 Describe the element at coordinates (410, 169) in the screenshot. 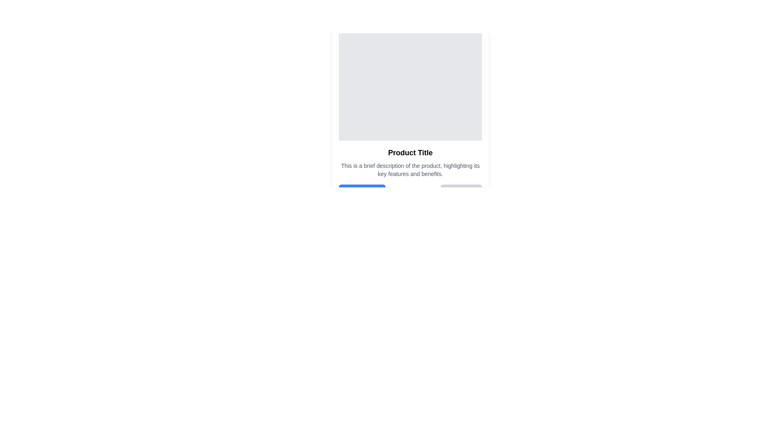

I see `descriptive text paragraph styled in gray located directly below the 'Product Title' heading` at that location.